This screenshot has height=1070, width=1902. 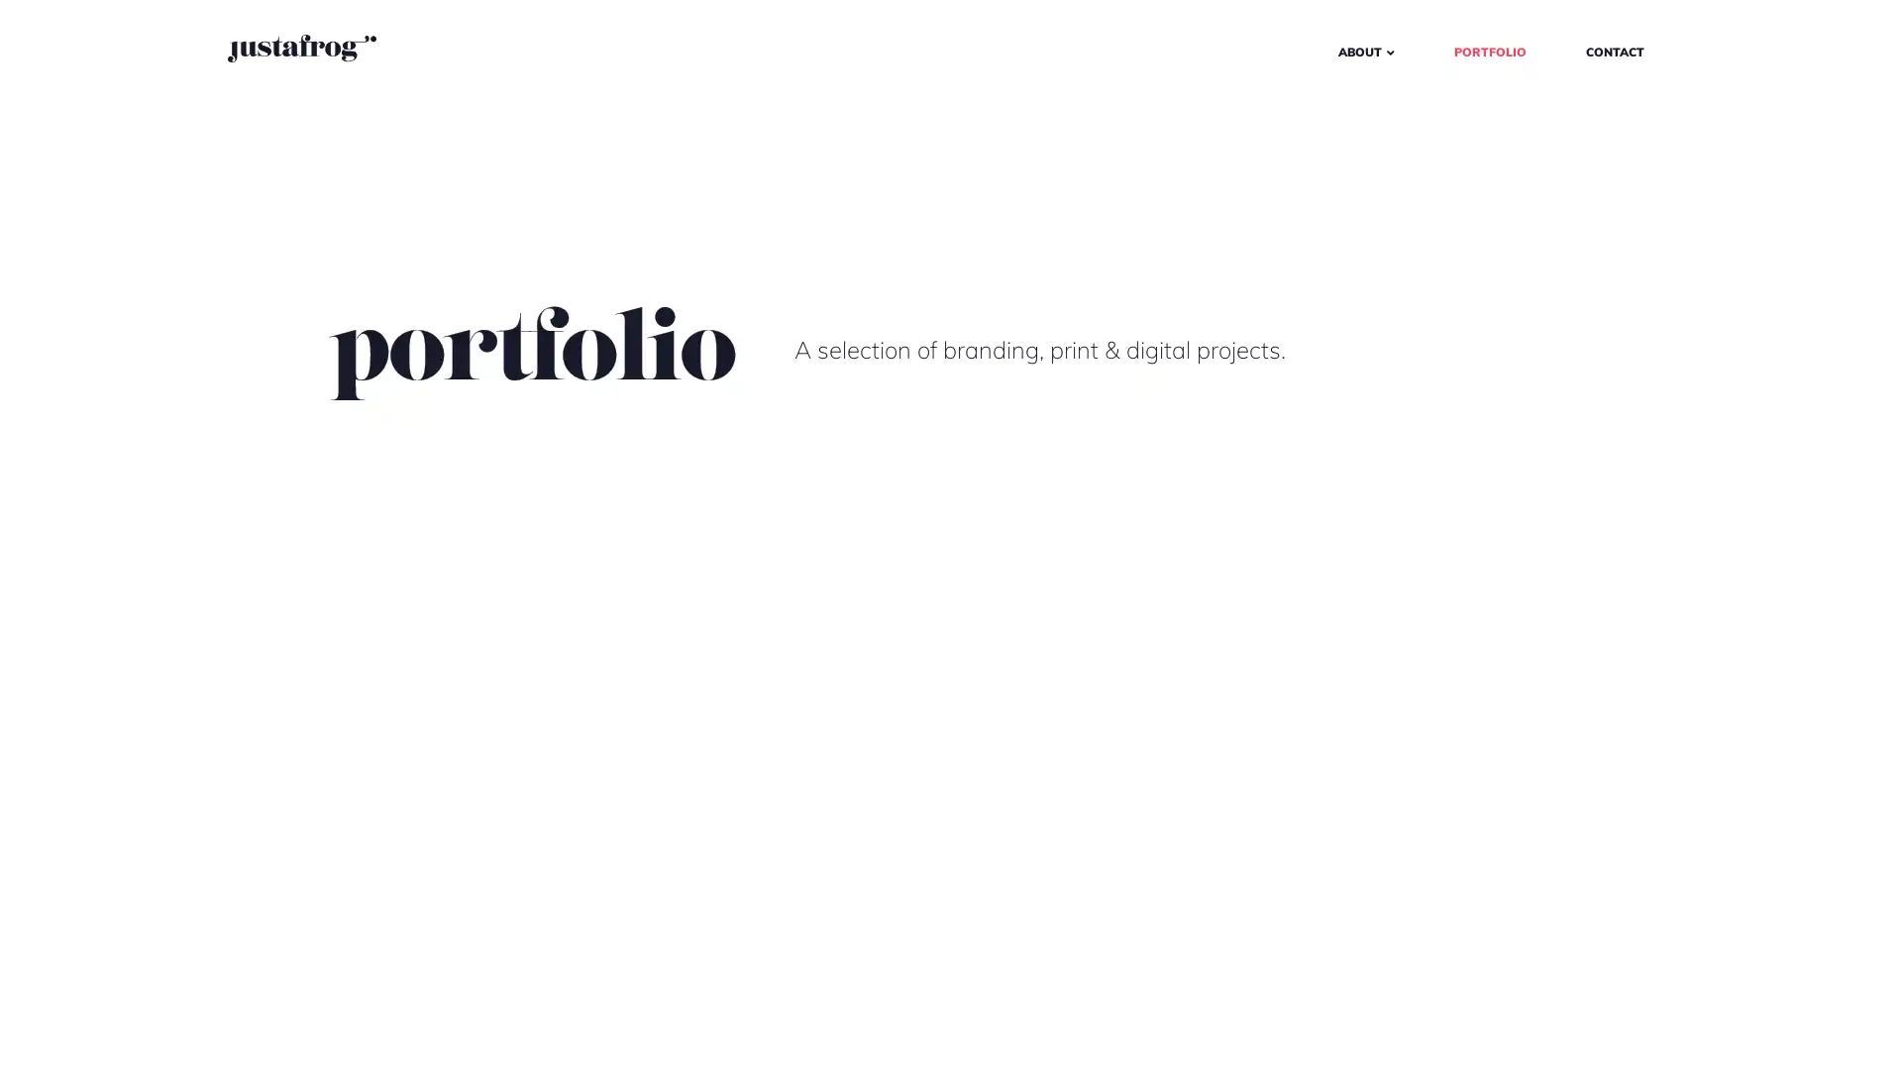 What do you see at coordinates (164, 1017) in the screenshot?
I see `VIEW` at bounding box center [164, 1017].